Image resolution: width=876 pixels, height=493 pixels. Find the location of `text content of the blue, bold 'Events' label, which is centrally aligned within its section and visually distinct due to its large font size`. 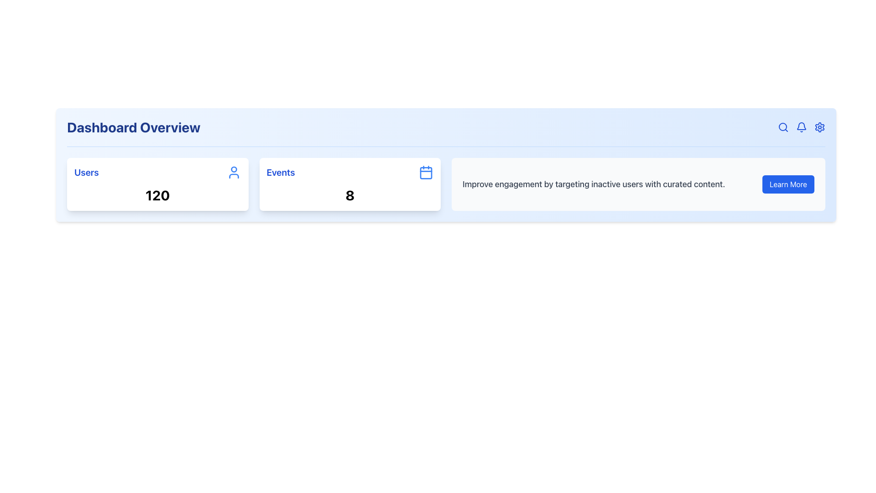

text content of the blue, bold 'Events' label, which is centrally aligned within its section and visually distinct due to its large font size is located at coordinates (280, 173).